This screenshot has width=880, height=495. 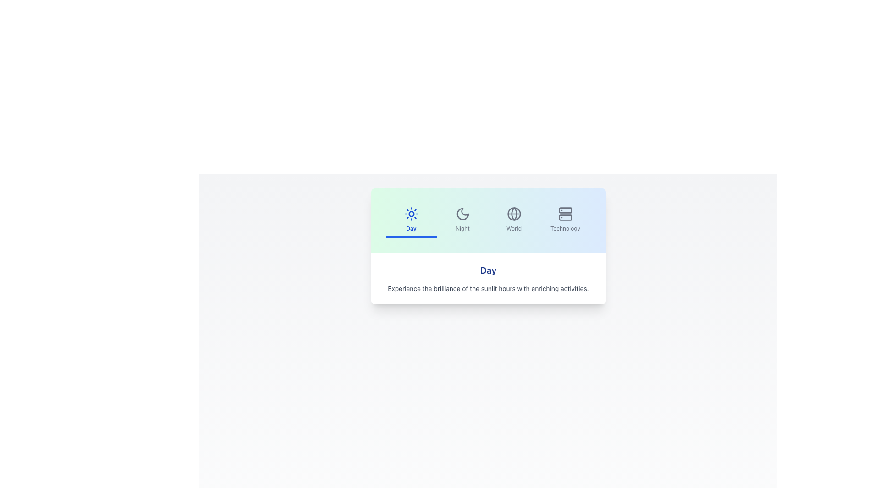 I want to click on the text label for the third option in the navigation menu, which is positioned below the globe icon, so click(x=514, y=228).